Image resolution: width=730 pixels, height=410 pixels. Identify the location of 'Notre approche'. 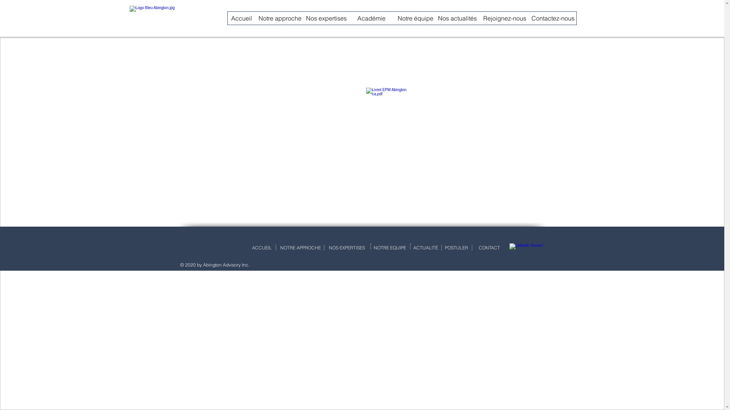
(279, 17).